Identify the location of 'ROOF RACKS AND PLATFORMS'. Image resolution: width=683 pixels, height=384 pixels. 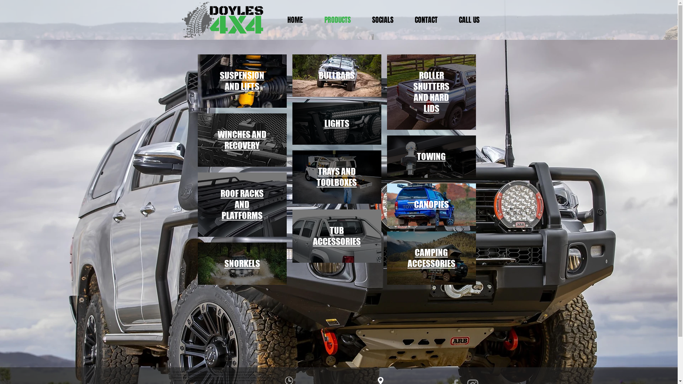
(242, 204).